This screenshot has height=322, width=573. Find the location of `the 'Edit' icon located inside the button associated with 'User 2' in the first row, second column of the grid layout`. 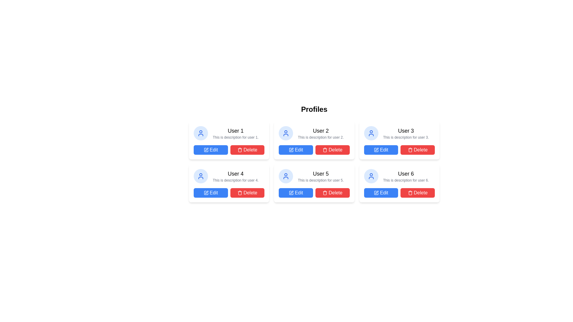

the 'Edit' icon located inside the button associated with 'User 2' in the first row, second column of the grid layout is located at coordinates (291, 149).